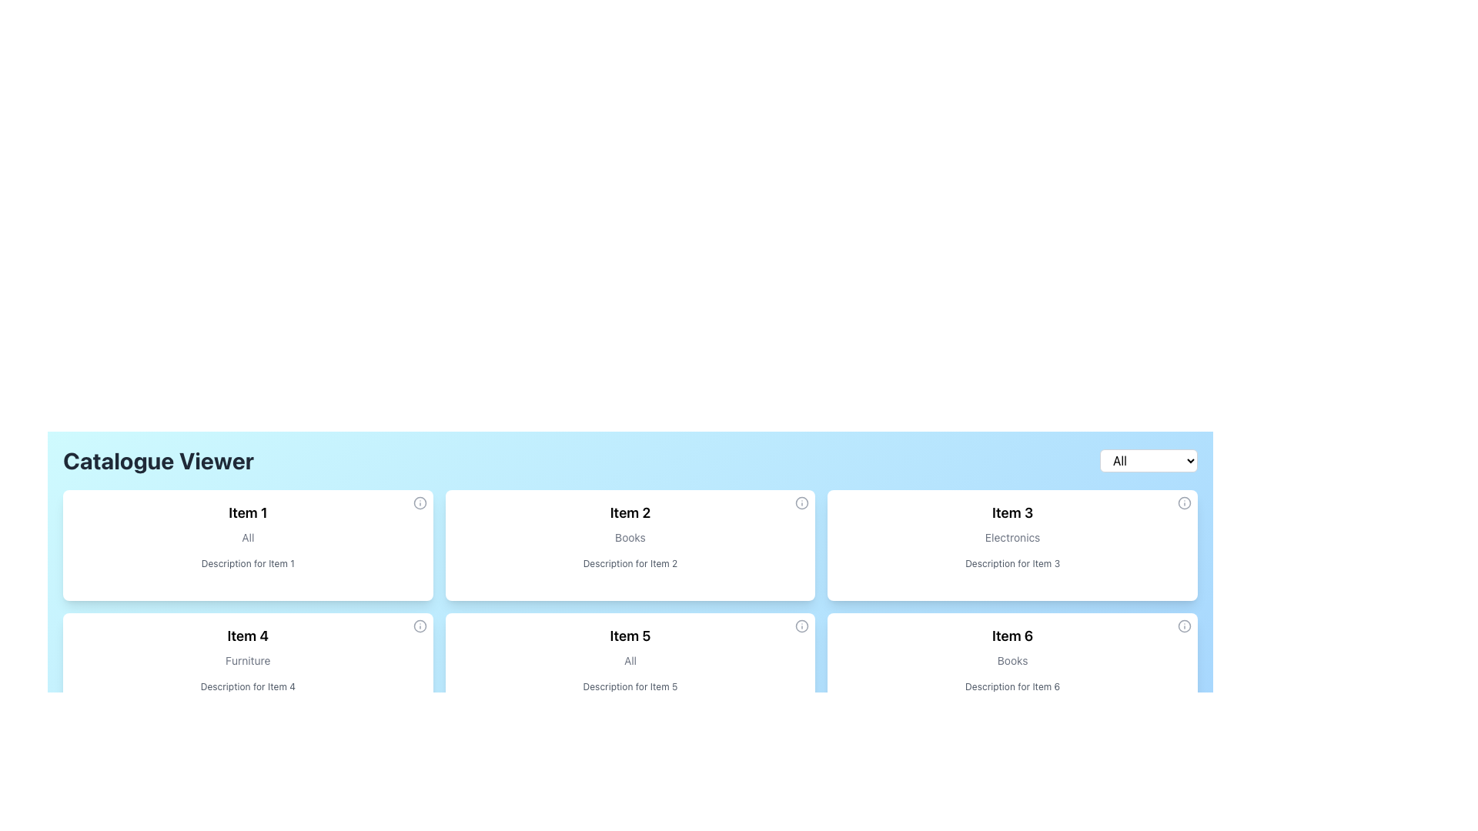  What do you see at coordinates (630, 636) in the screenshot?
I see `the bolded text label 'Item 5' located at the center of the fifth card in the grid, positioned directly above the texts 'All' and 'Description for Item 5'` at bounding box center [630, 636].